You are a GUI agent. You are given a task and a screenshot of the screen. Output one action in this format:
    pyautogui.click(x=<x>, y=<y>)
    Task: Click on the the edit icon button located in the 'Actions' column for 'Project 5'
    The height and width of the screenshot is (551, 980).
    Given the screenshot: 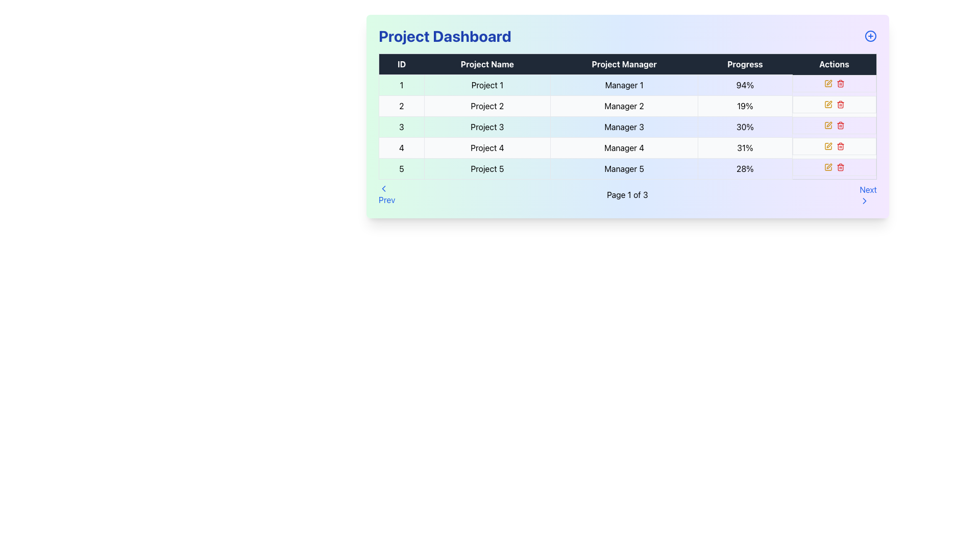 What is the action you would take?
    pyautogui.click(x=829, y=165)
    